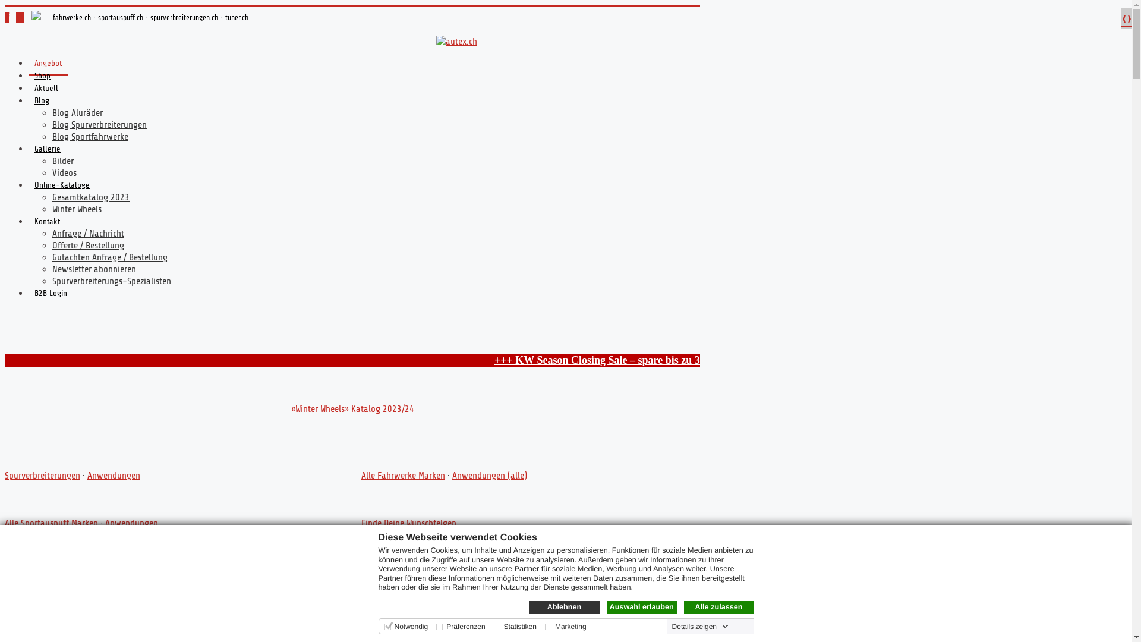 This screenshot has height=642, width=1141. Describe the element at coordinates (42, 78) in the screenshot. I see `'Shop'` at that location.